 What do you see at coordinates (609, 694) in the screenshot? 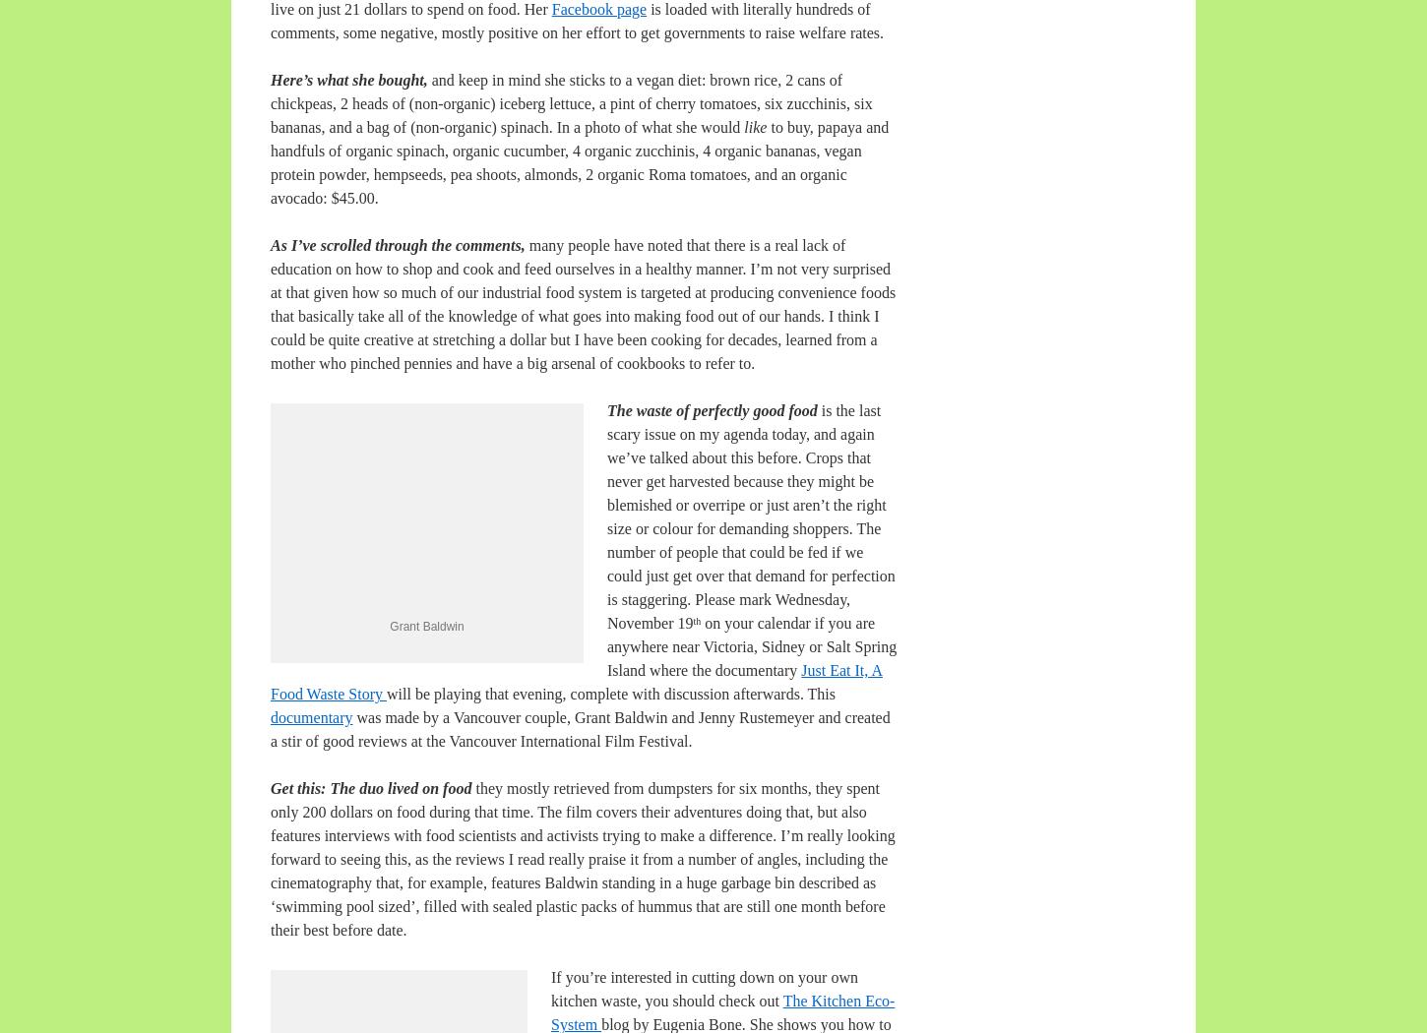
I see `'will be playing that evening, complete with discussion afterwards. This'` at bounding box center [609, 694].